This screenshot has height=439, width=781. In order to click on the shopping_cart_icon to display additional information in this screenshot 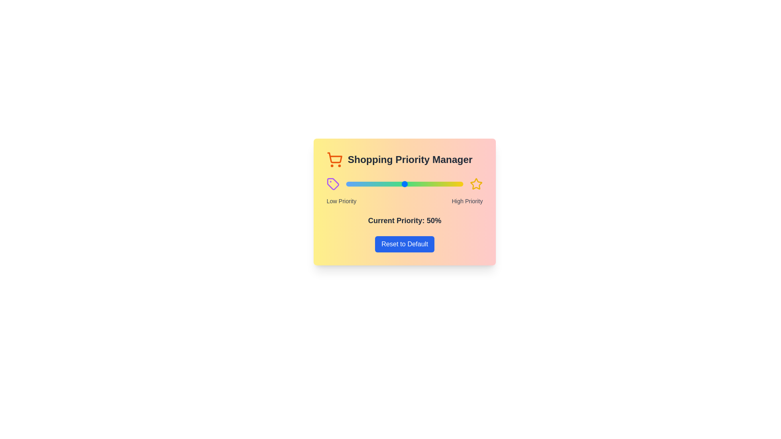, I will do `click(334, 160)`.